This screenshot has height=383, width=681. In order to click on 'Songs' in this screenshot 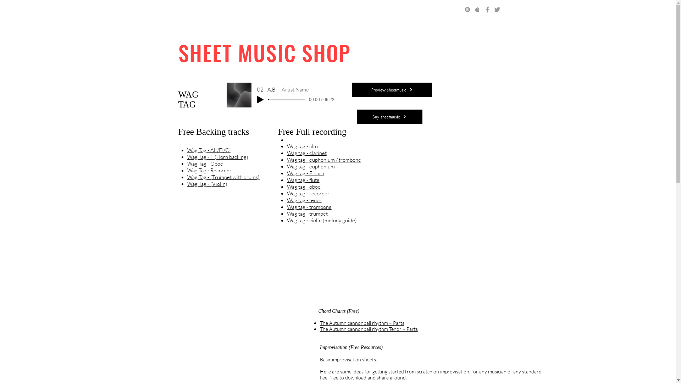, I will do `click(207, 10)`.